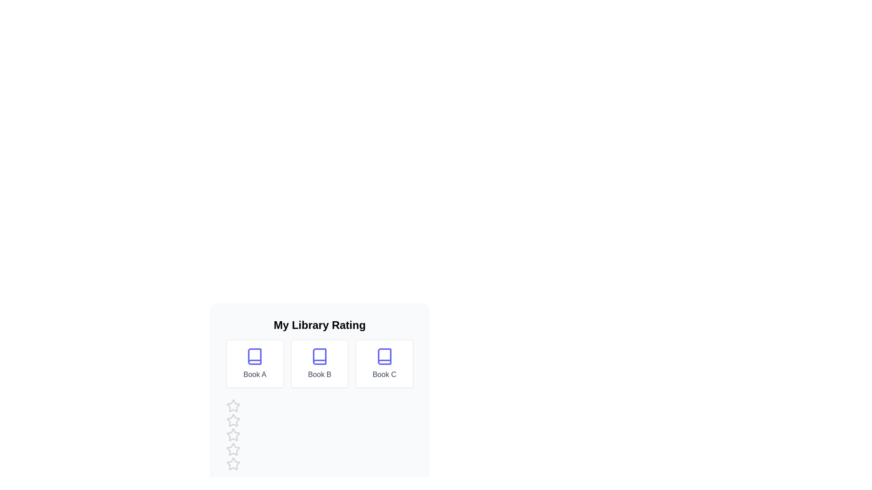 Image resolution: width=872 pixels, height=490 pixels. I want to click on the star corresponding to 2 to preview the rating, so click(233, 420).